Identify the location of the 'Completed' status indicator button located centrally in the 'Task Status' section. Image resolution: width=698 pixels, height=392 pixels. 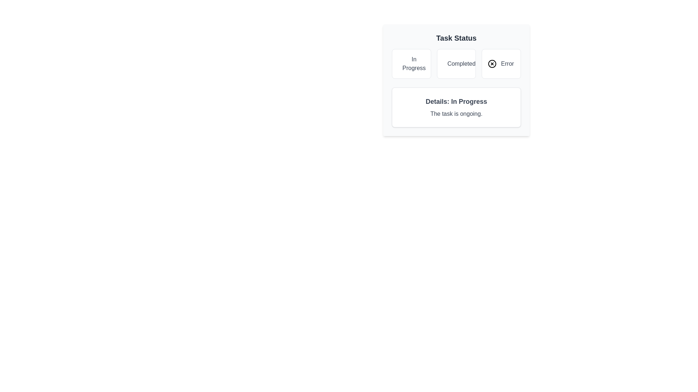
(456, 64).